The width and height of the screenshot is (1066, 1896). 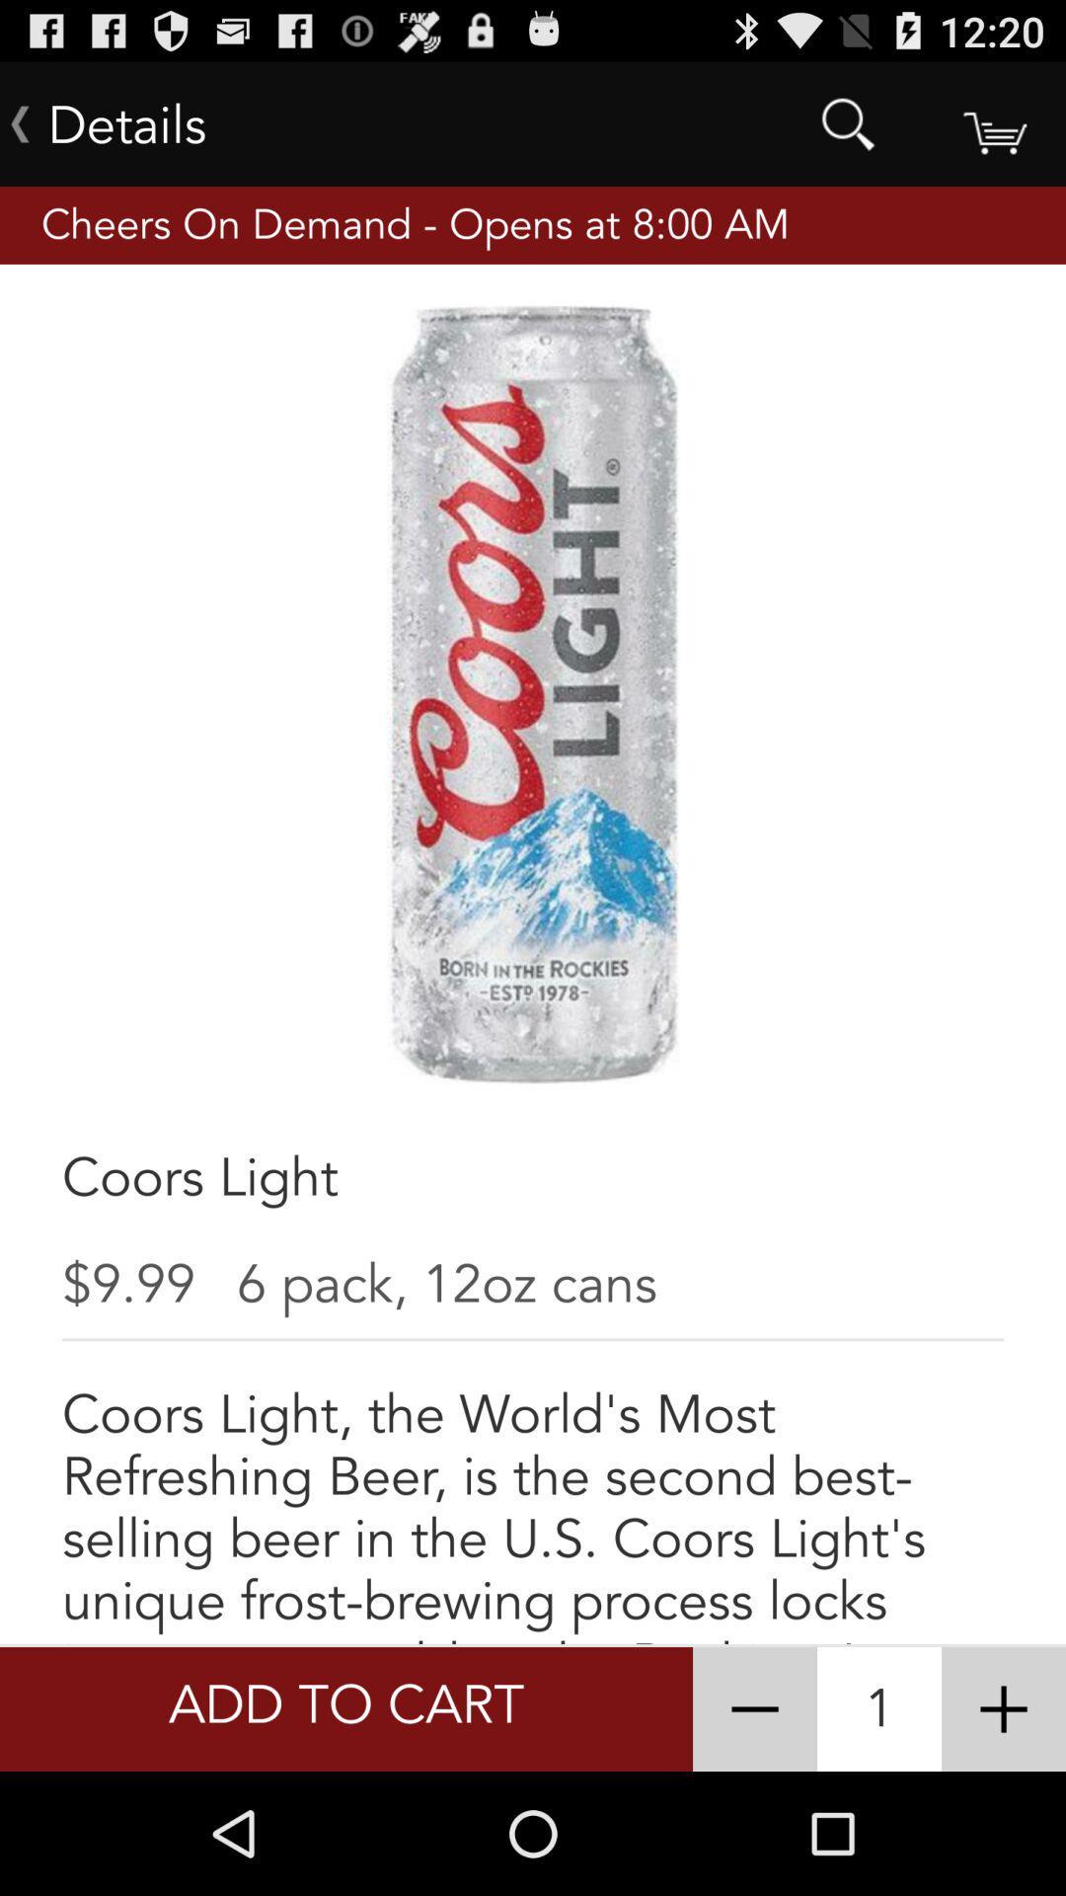 What do you see at coordinates (1004, 1708) in the screenshot?
I see `one more of the same order` at bounding box center [1004, 1708].